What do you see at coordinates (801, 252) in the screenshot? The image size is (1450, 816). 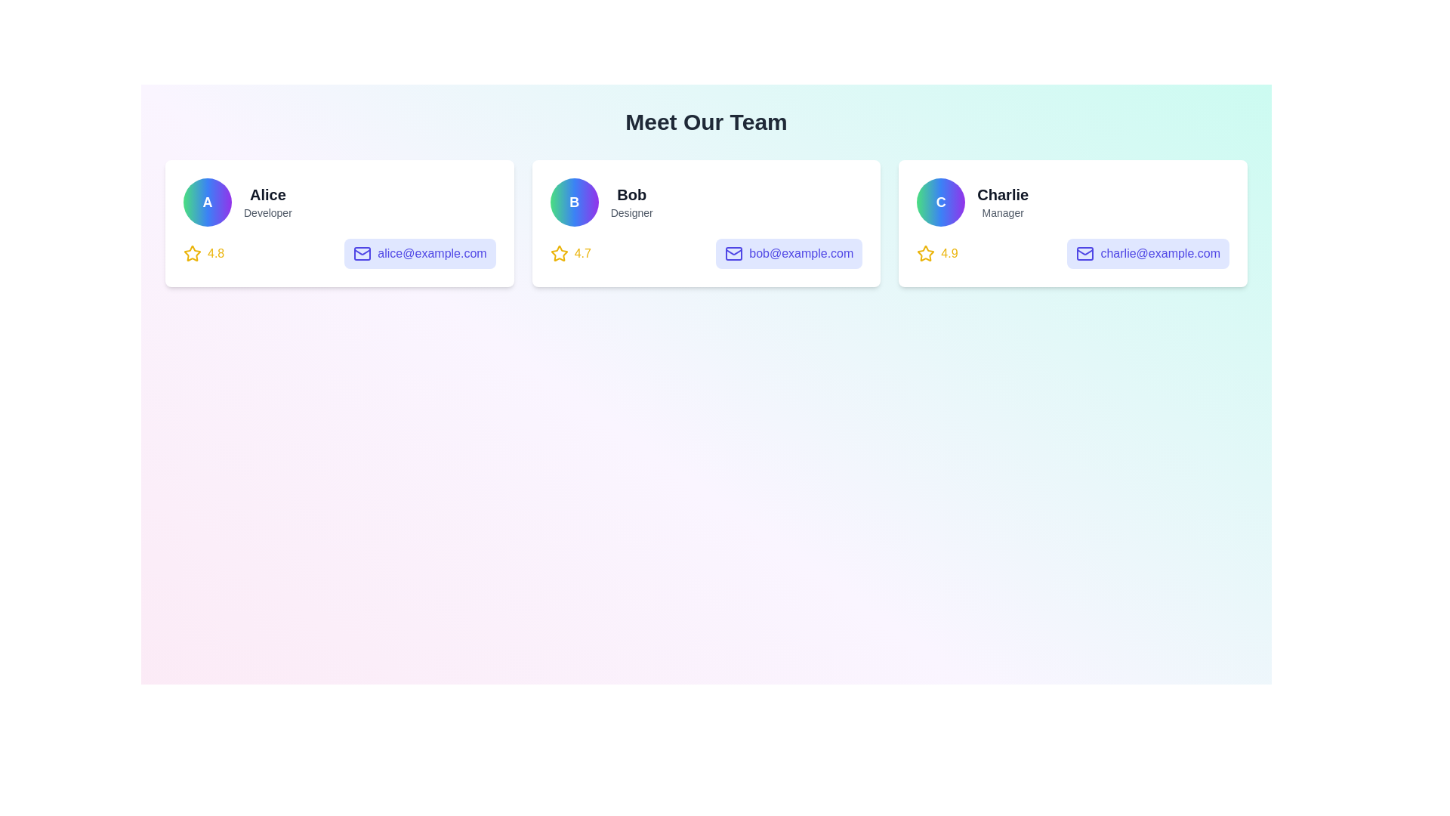 I see `the email address text label for 'Bob' in the contact section of the profile card` at bounding box center [801, 252].